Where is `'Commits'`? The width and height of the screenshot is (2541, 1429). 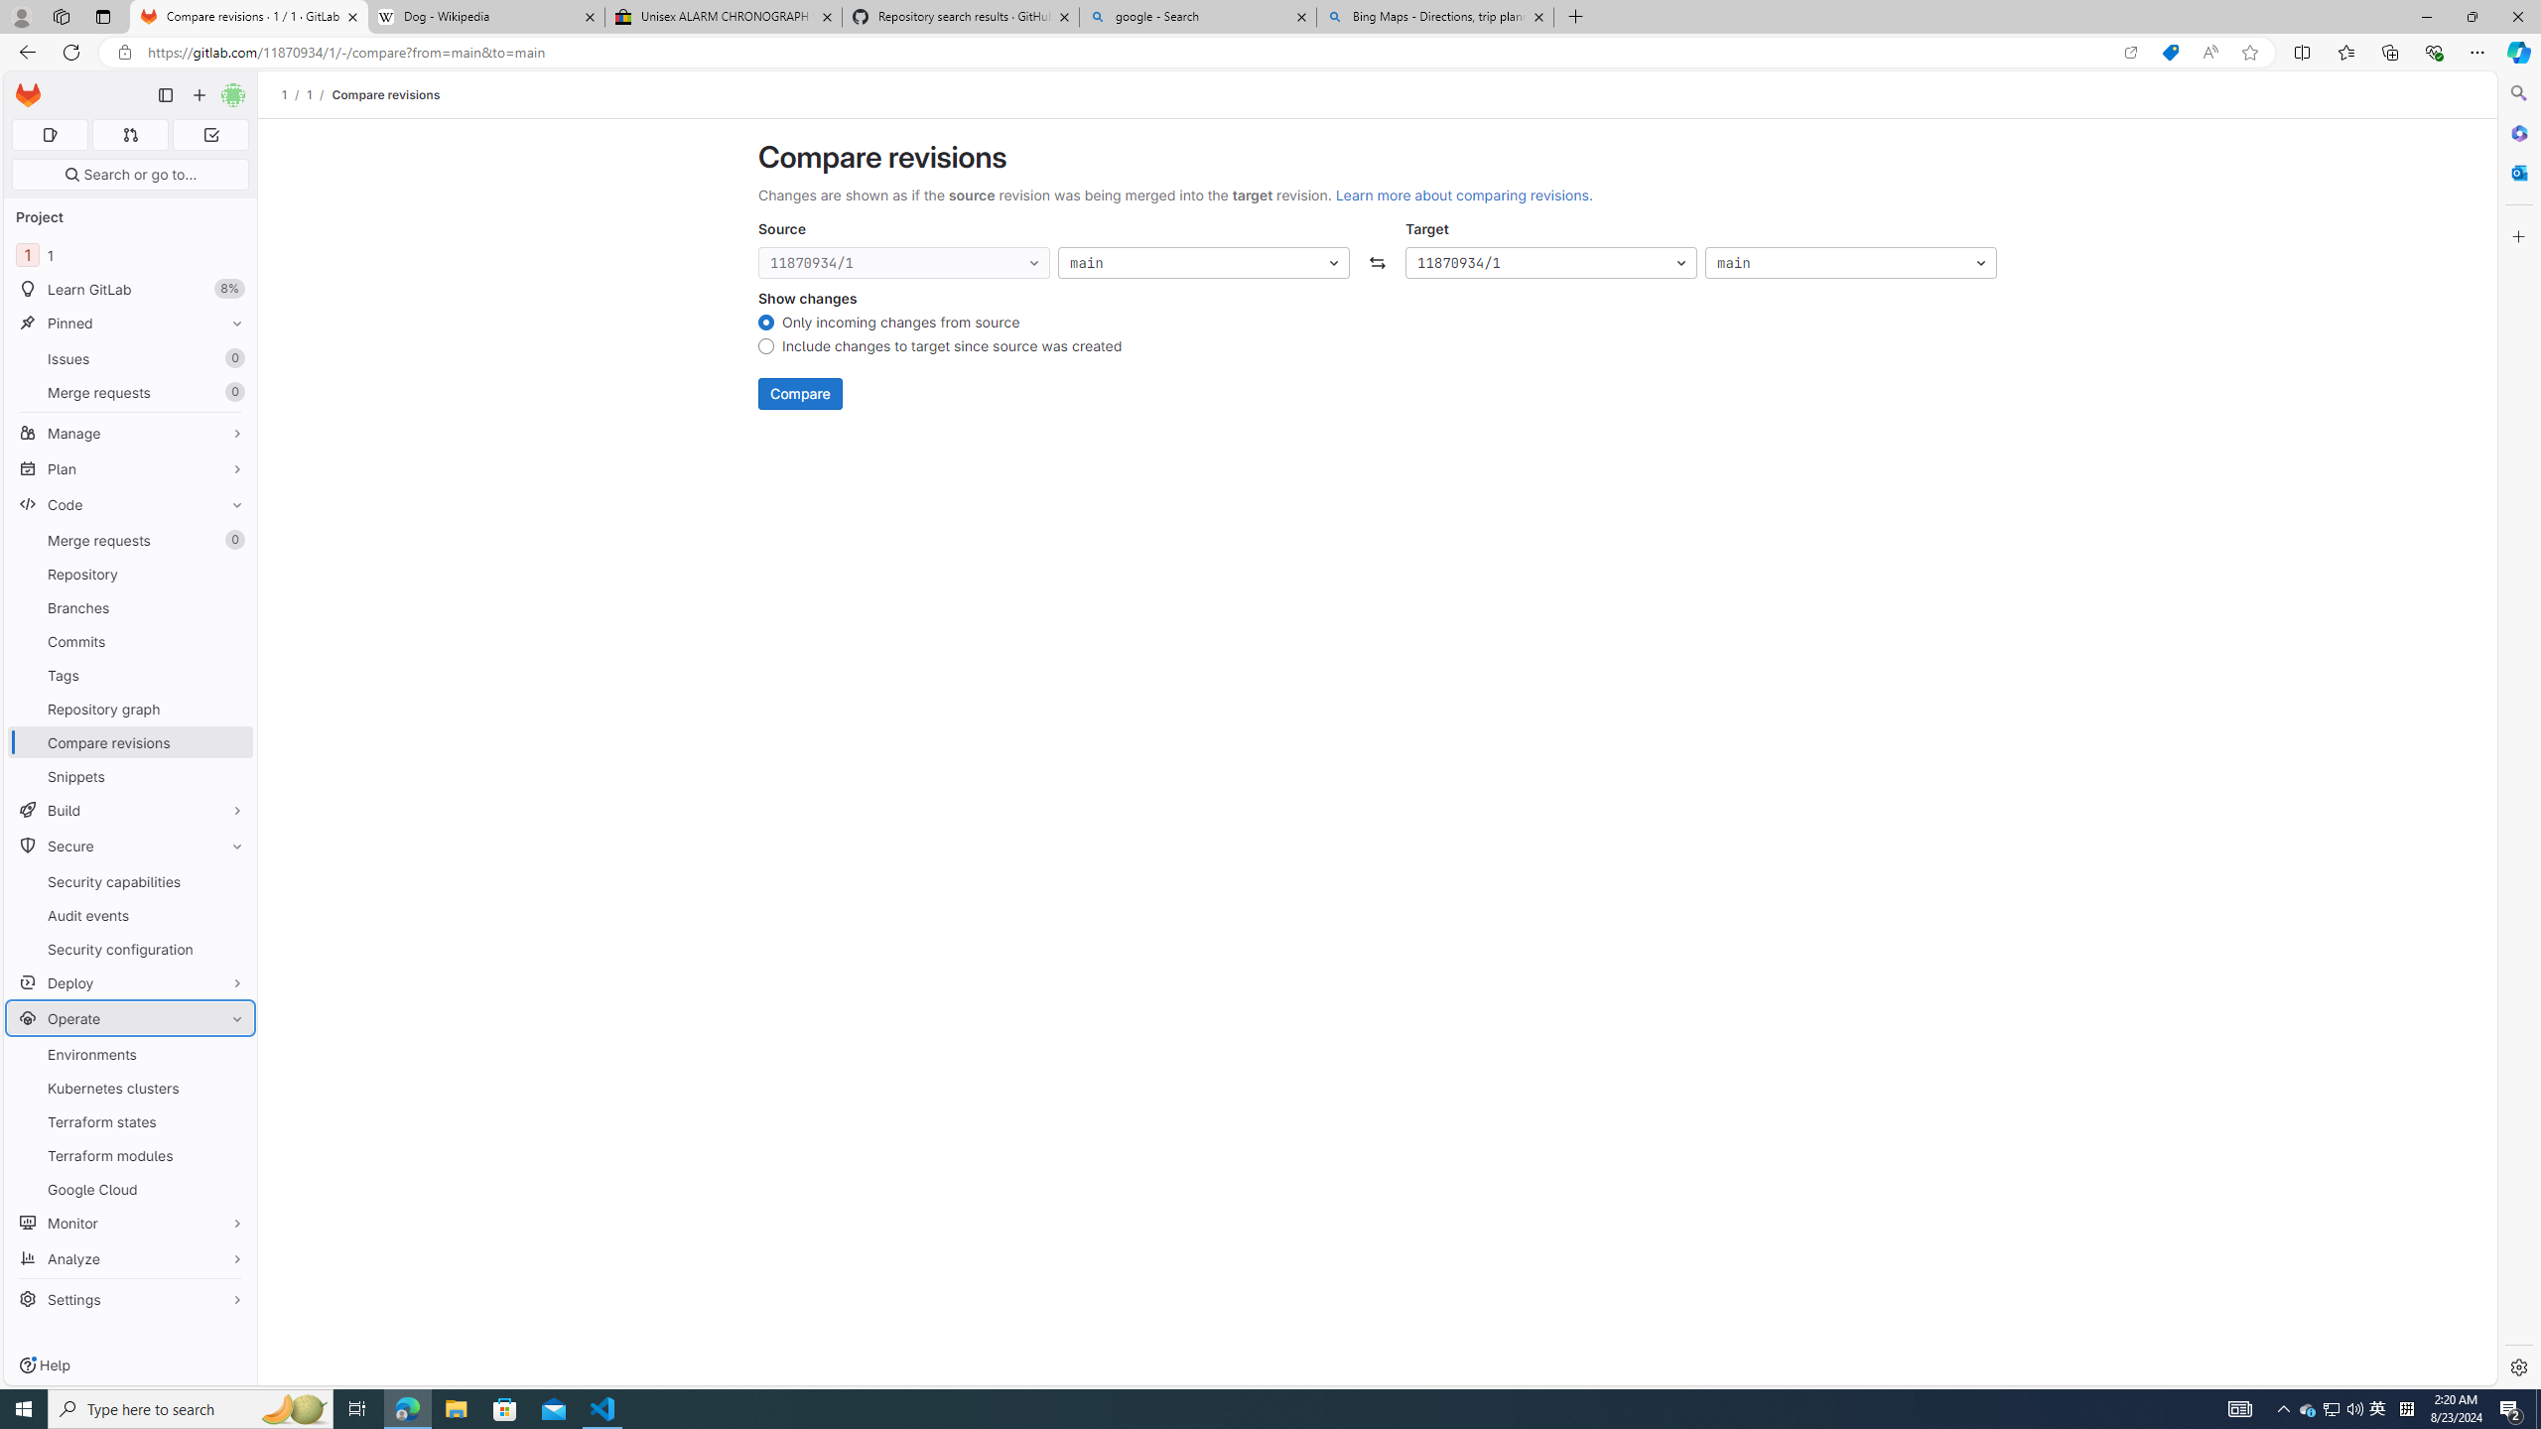
'Commits' is located at coordinates (129, 641).